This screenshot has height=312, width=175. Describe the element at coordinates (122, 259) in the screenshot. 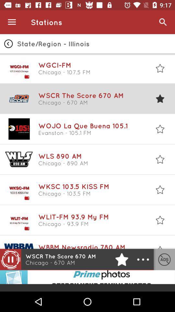

I see `the star icon` at that location.